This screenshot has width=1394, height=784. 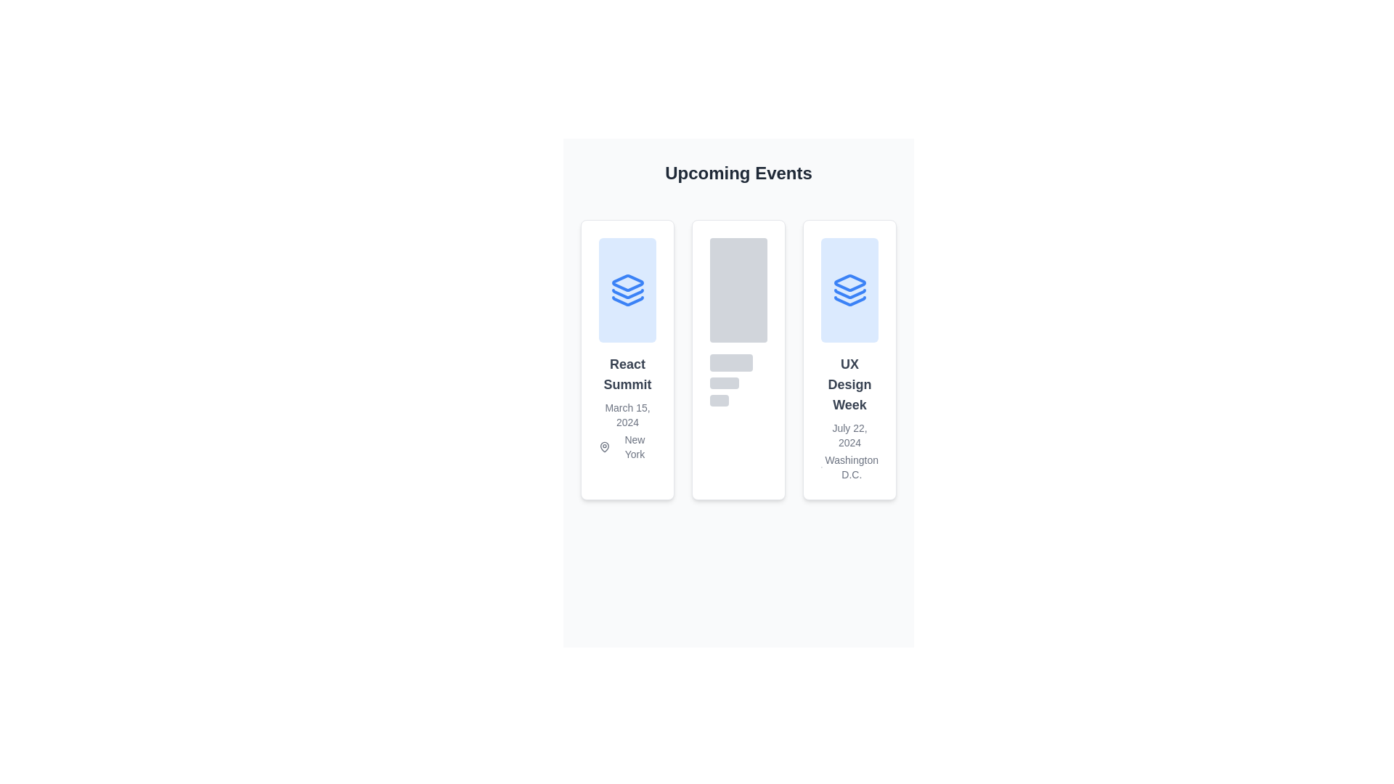 What do you see at coordinates (627, 290) in the screenshot?
I see `the React Summit event icon located in the central upper area of the leftmost card in a row of three cards` at bounding box center [627, 290].